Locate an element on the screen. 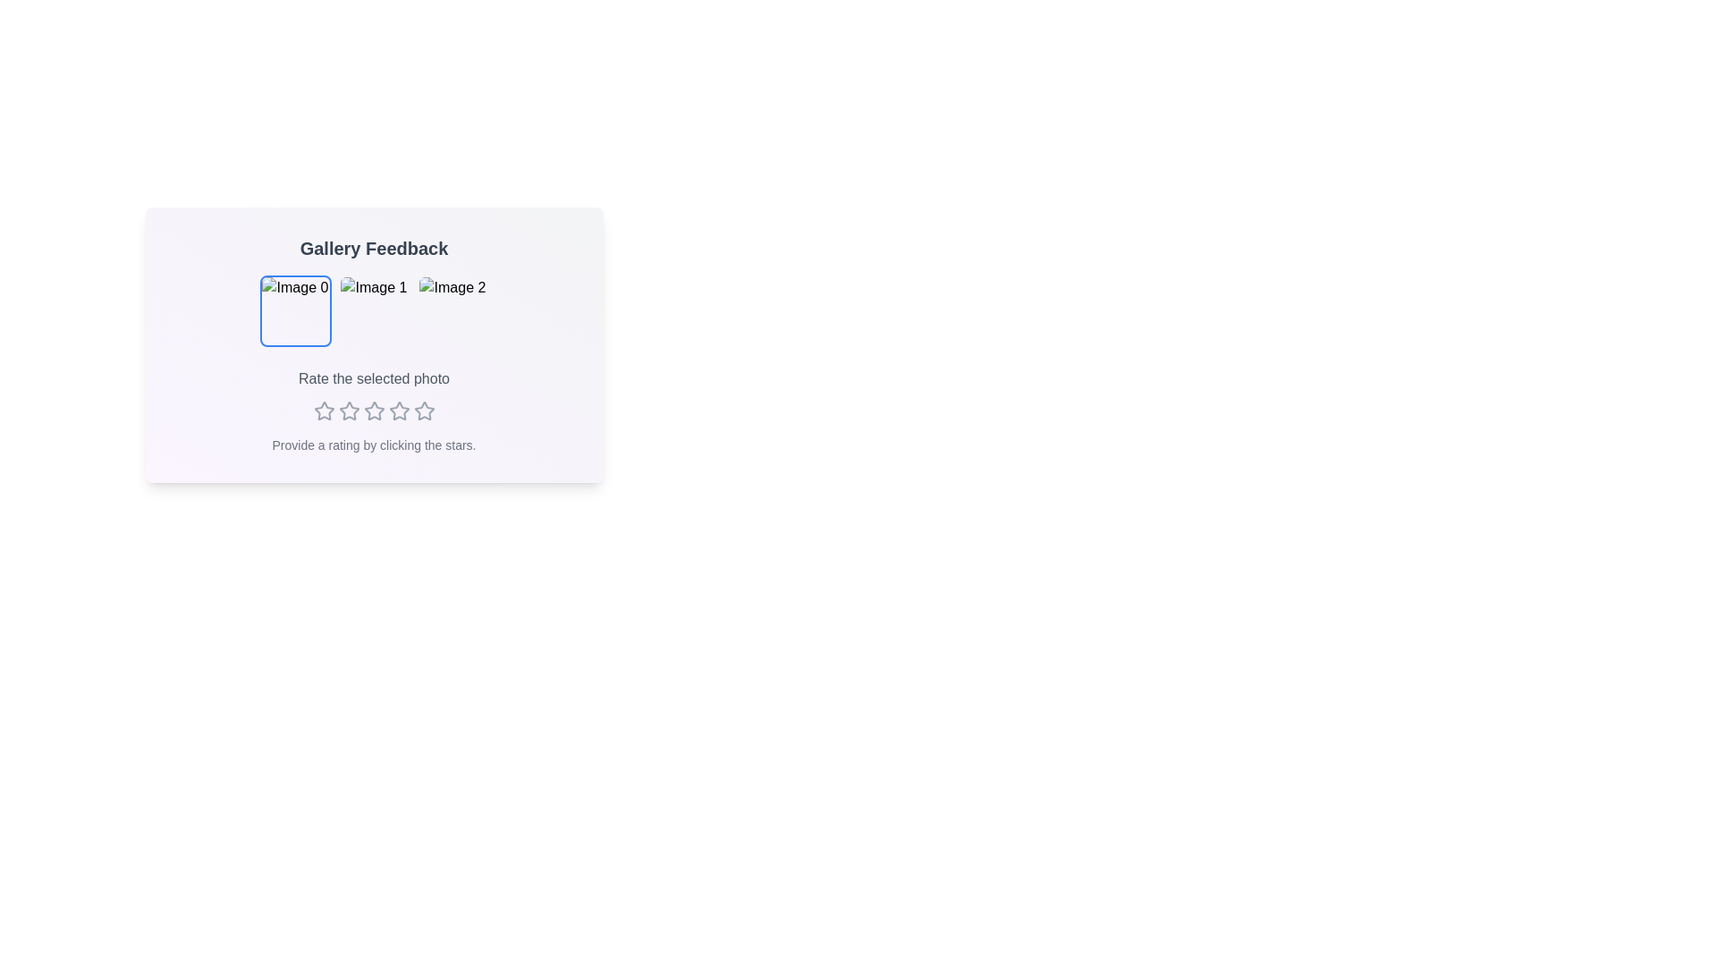 Image resolution: width=1717 pixels, height=966 pixels. the fourth interactive star icon used for rating is located at coordinates (373, 411).